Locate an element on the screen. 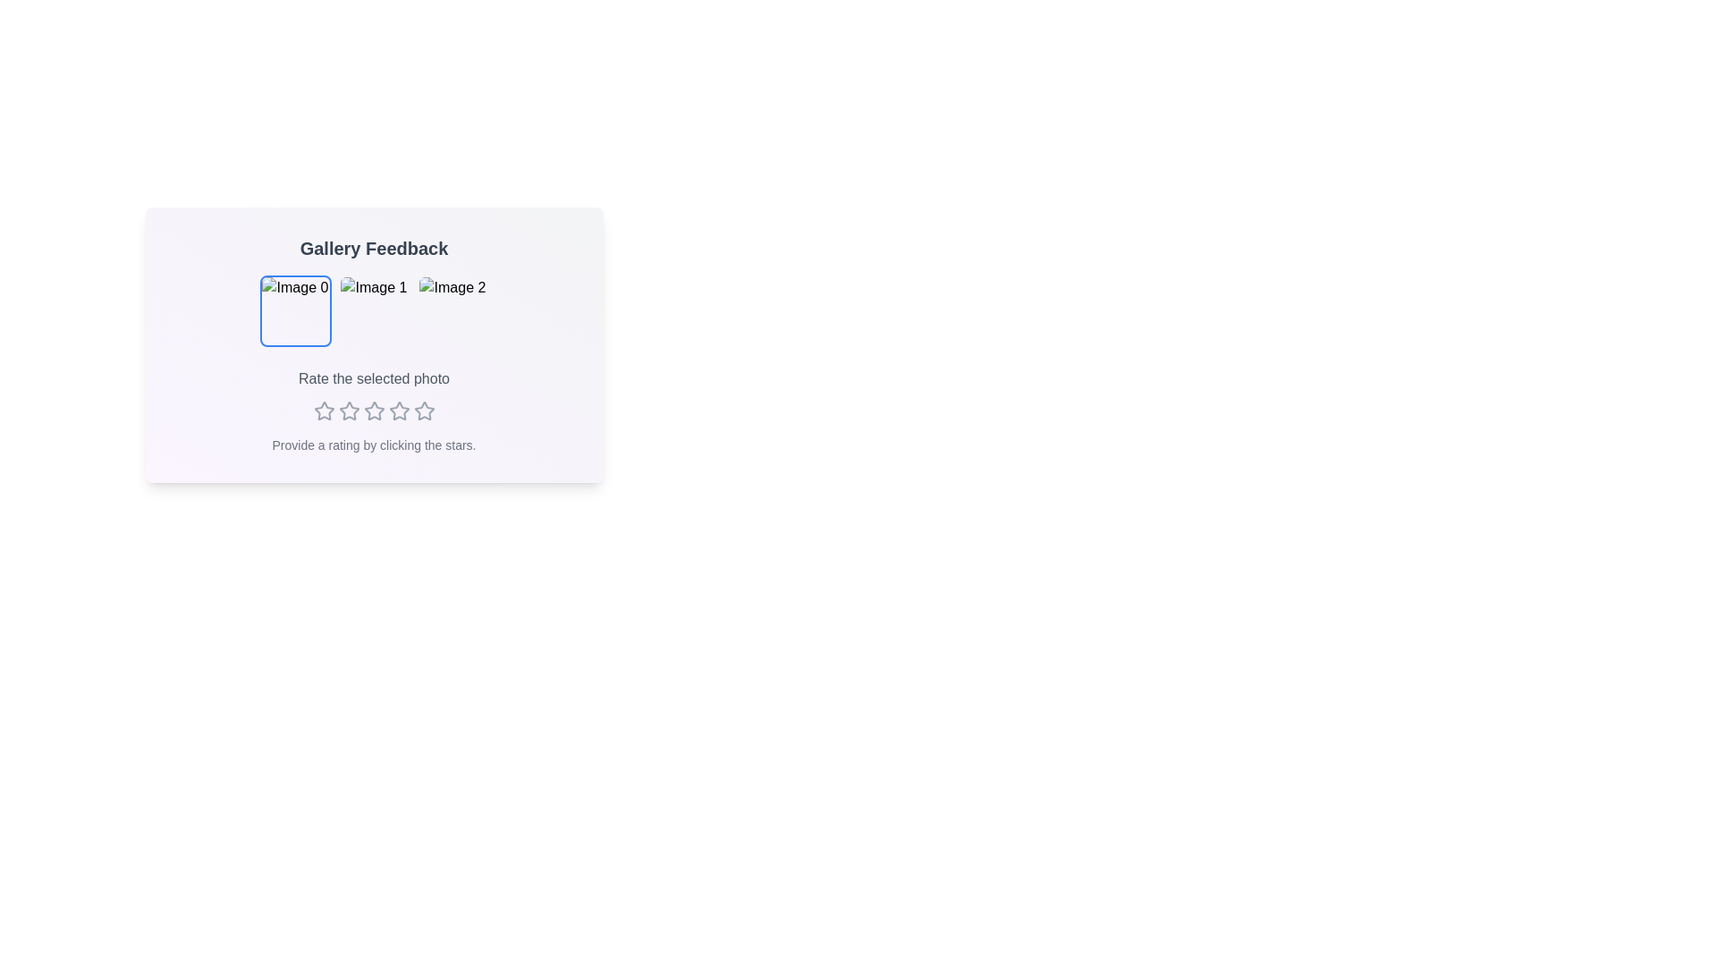 Image resolution: width=1717 pixels, height=966 pixels. the fourth interactive star icon used for rating is located at coordinates (373, 411).